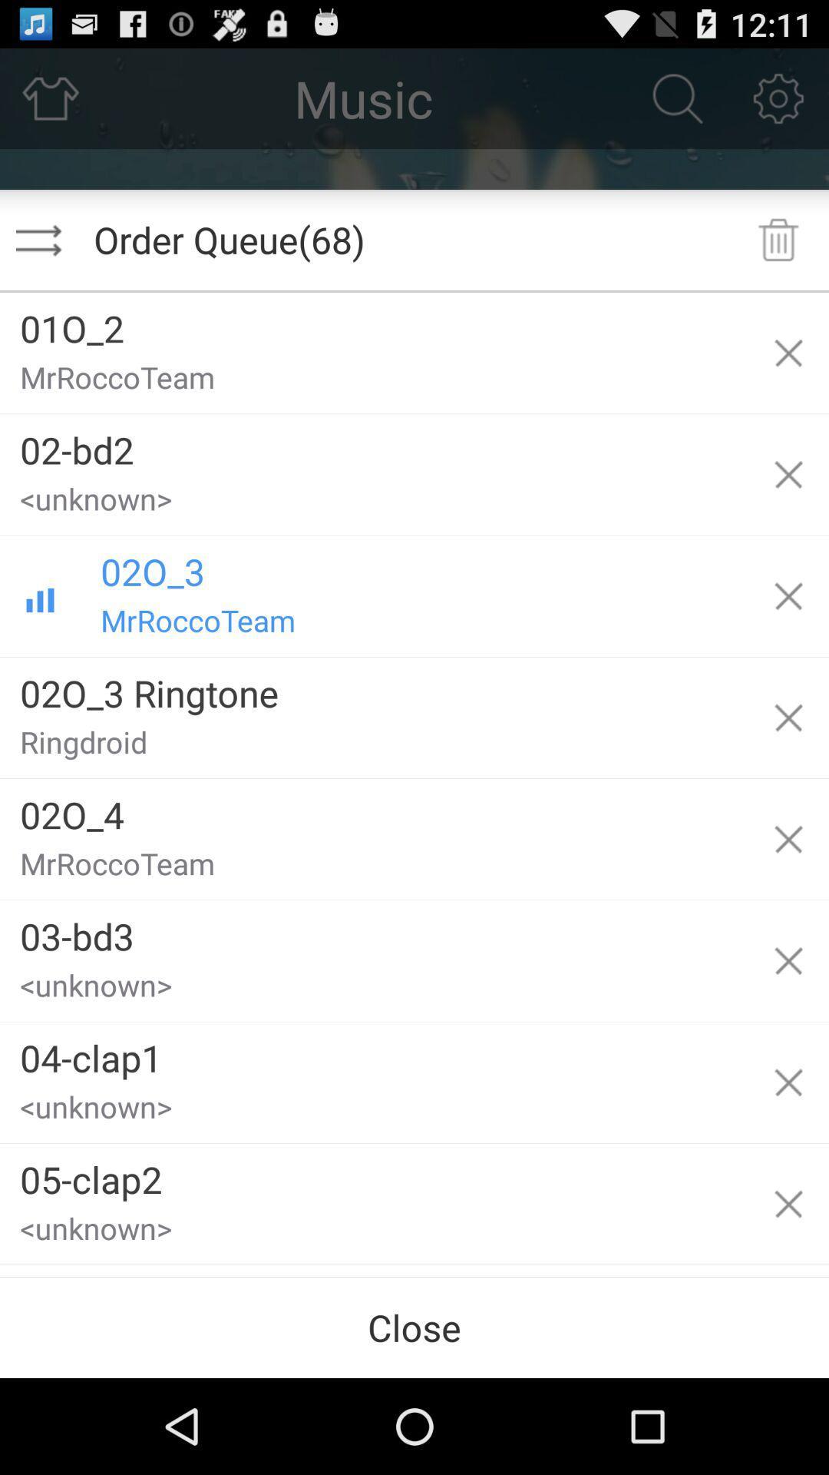 The height and width of the screenshot is (1475, 829). I want to click on the app below the <unknown>, so click(374, 1173).